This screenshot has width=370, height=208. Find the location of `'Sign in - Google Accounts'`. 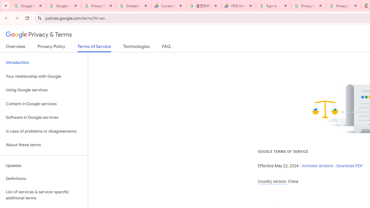

'Sign in - Google Accounts' is located at coordinates (273, 6).